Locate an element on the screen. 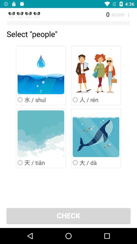 This screenshot has height=244, width=137. the check is located at coordinates (68, 215).